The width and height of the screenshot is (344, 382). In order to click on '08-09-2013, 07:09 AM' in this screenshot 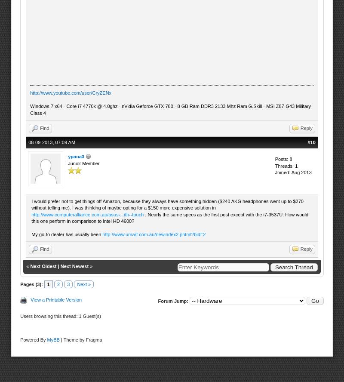, I will do `click(28, 142)`.